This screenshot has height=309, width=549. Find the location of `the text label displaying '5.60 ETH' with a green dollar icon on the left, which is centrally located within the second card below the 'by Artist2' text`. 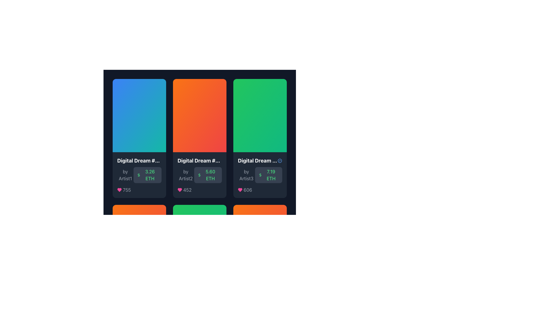

the text label displaying '5.60 ETH' with a green dollar icon on the left, which is centrally located within the second card below the 'by Artist2' text is located at coordinates (208, 175).